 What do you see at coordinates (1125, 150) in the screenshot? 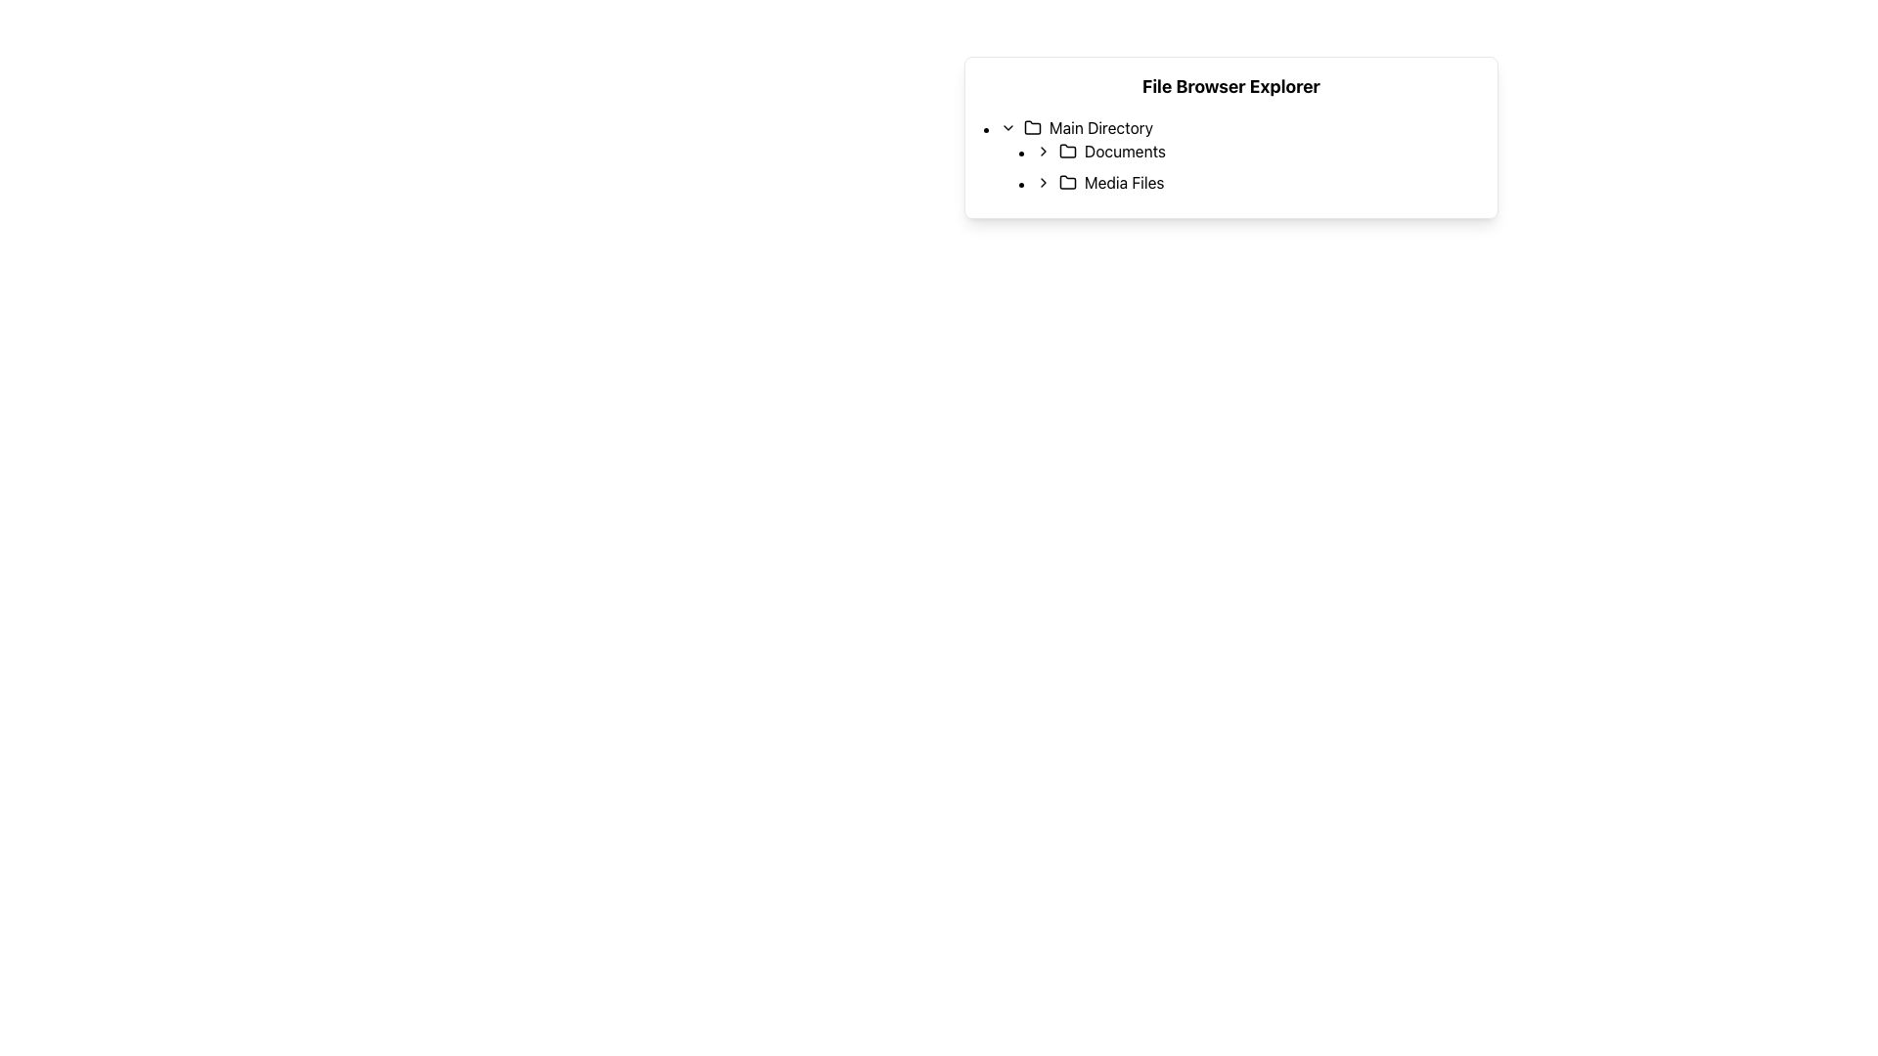
I see `the 'Documents' text label located beneath 'Main Directory'` at bounding box center [1125, 150].